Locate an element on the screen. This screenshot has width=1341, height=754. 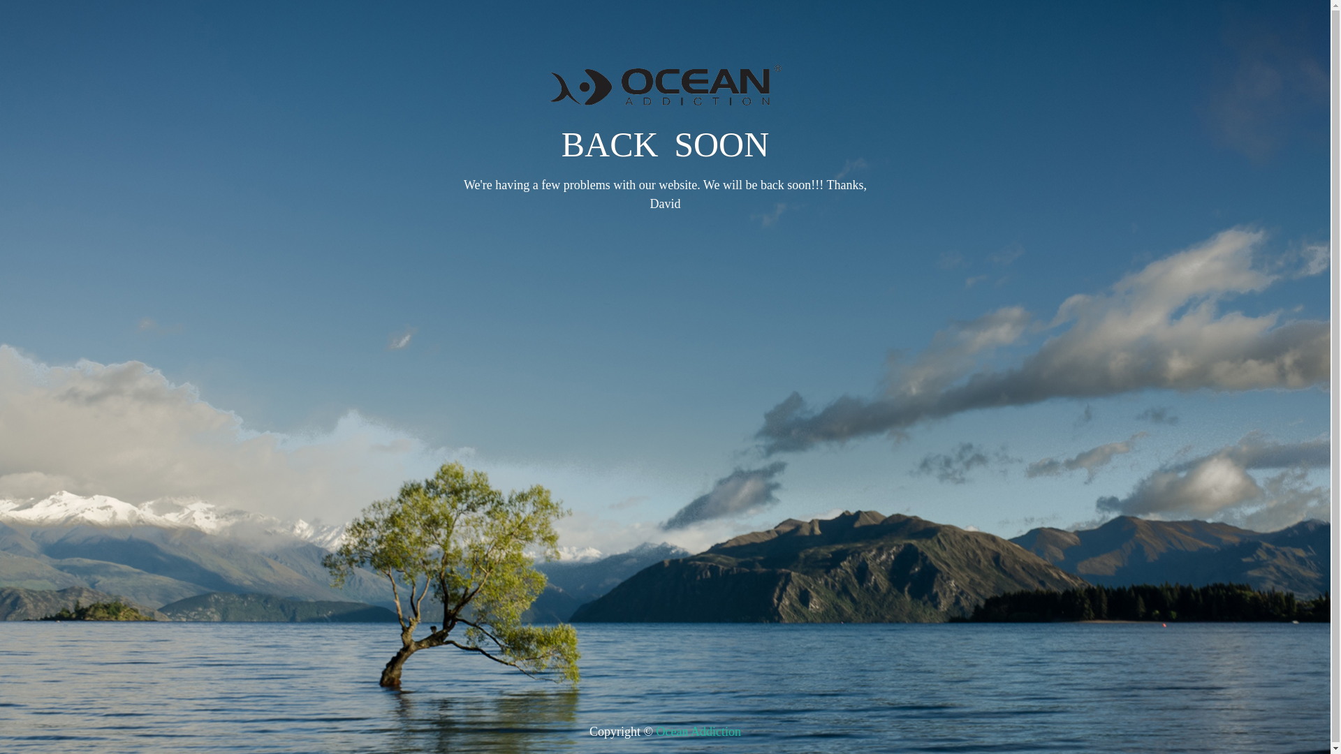
'Ocean Addiction' is located at coordinates (698, 731).